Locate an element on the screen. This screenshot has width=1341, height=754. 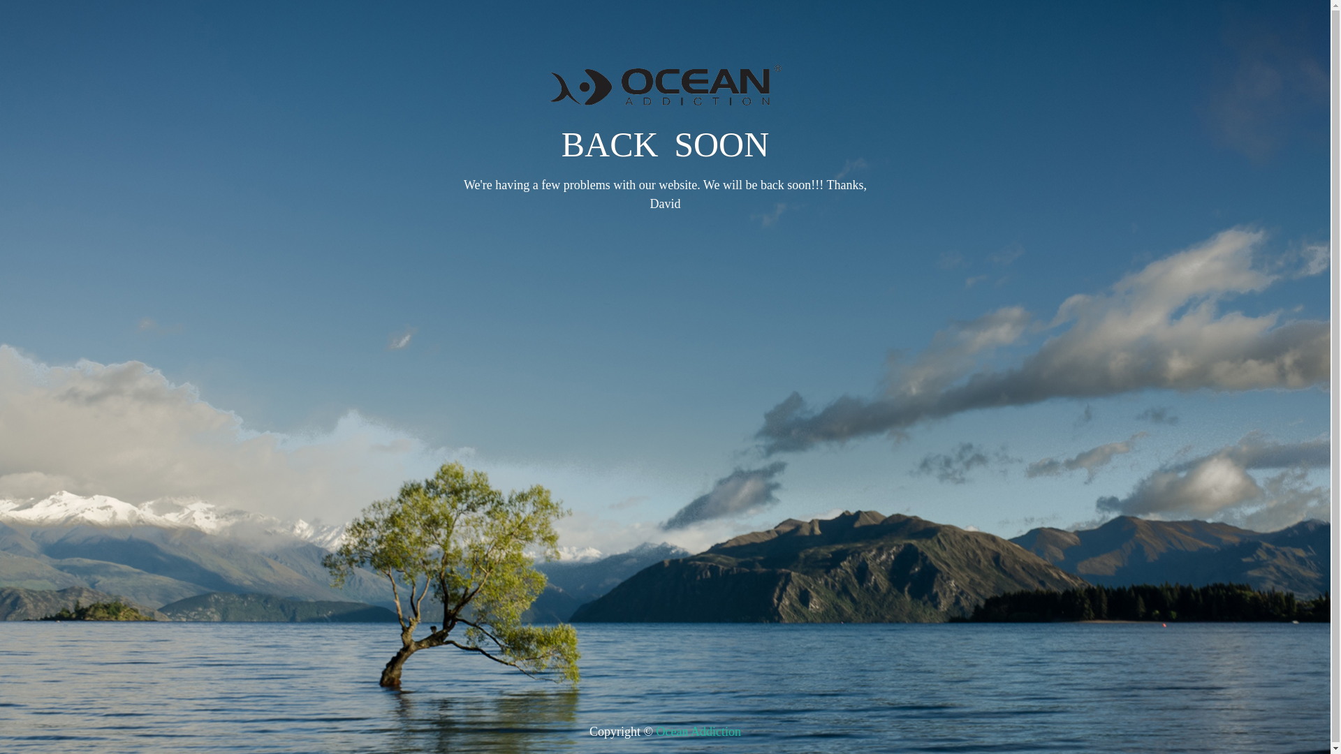
'Ocean Addiction' is located at coordinates (698, 731).